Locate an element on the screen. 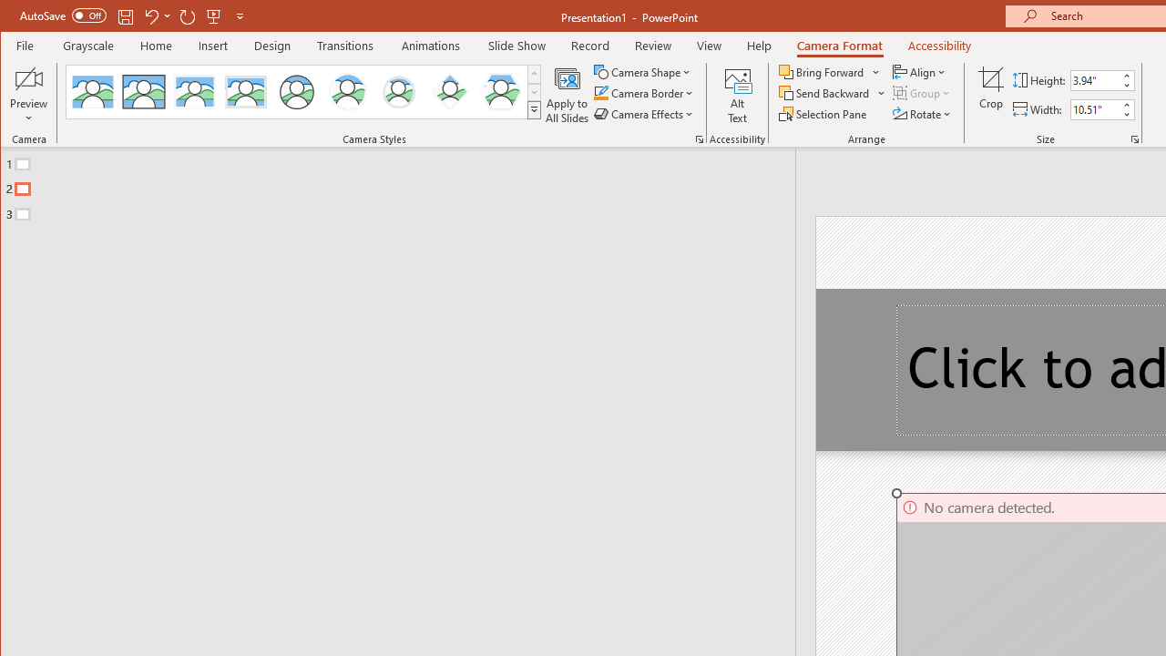  'Camera Styles' is located at coordinates (533, 109).